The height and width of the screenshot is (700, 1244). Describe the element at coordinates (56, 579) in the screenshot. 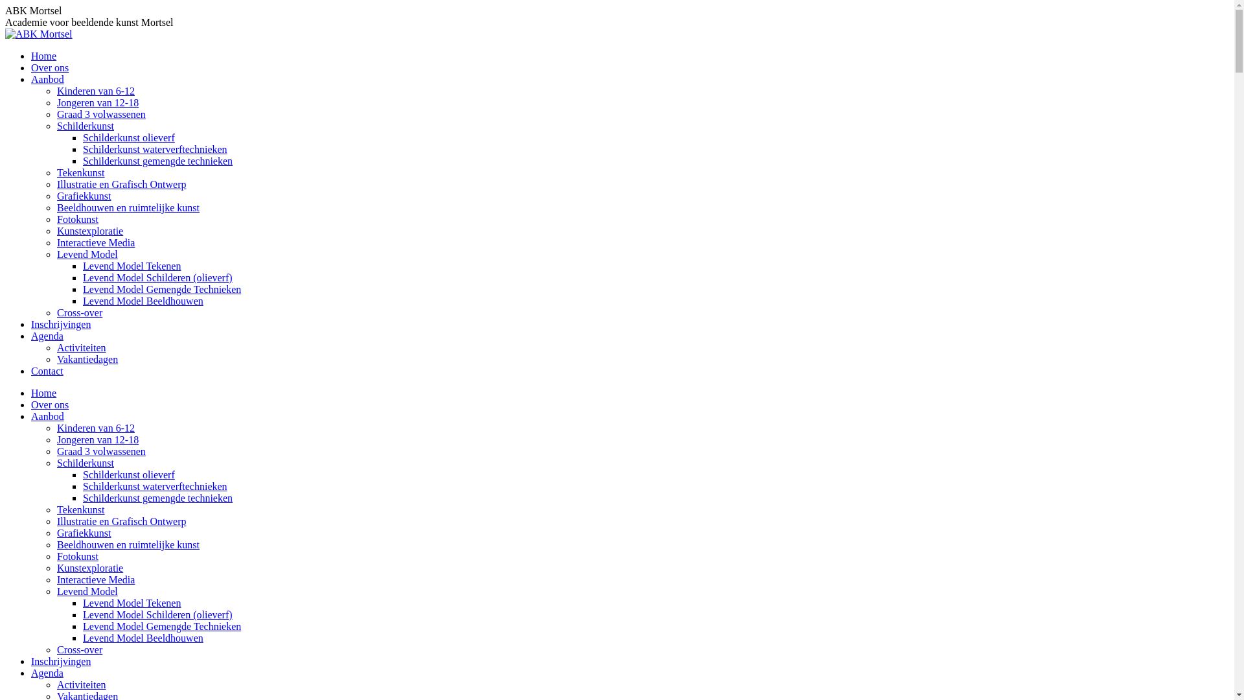

I see `'Interactieve Media'` at that location.